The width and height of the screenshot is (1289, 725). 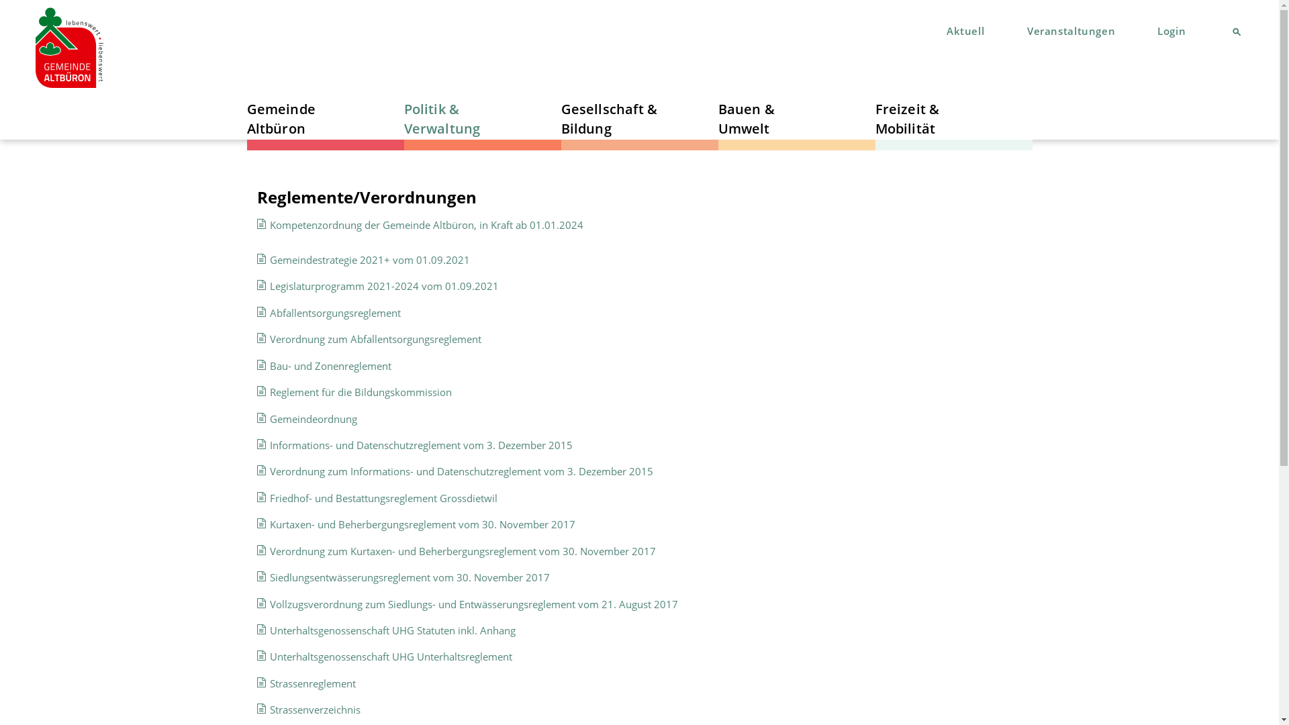 I want to click on 'Strassenverzeichnis', so click(x=314, y=708).